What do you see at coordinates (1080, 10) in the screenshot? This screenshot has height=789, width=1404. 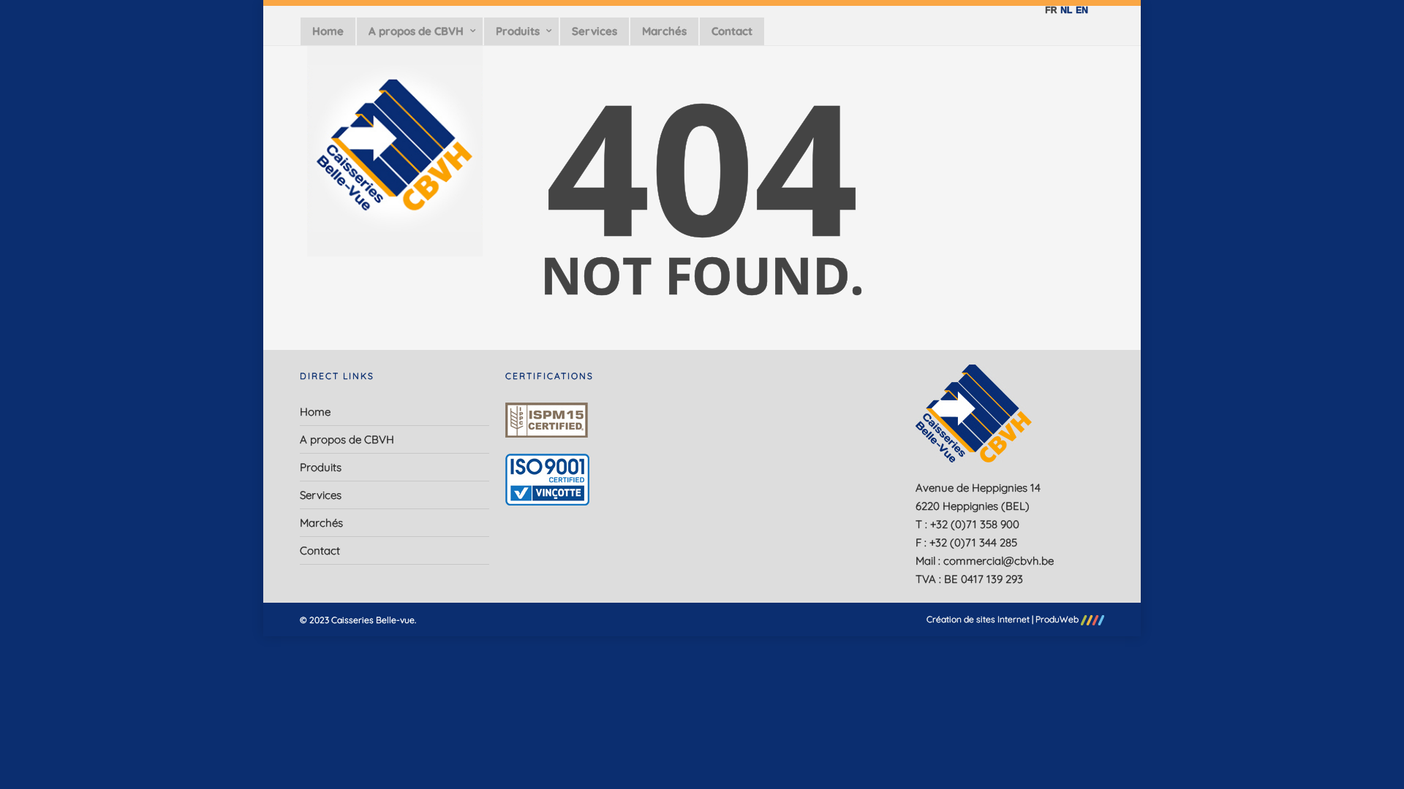 I see `'EN'` at bounding box center [1080, 10].